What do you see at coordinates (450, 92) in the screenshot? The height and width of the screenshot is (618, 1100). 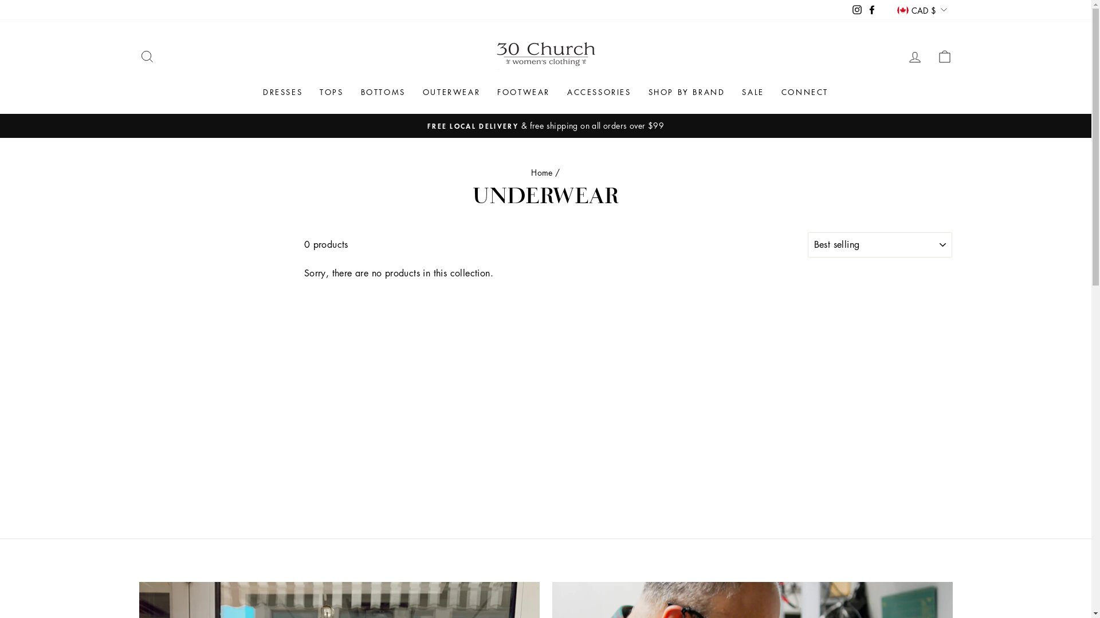 I see `'OUTERWEAR'` at bounding box center [450, 92].